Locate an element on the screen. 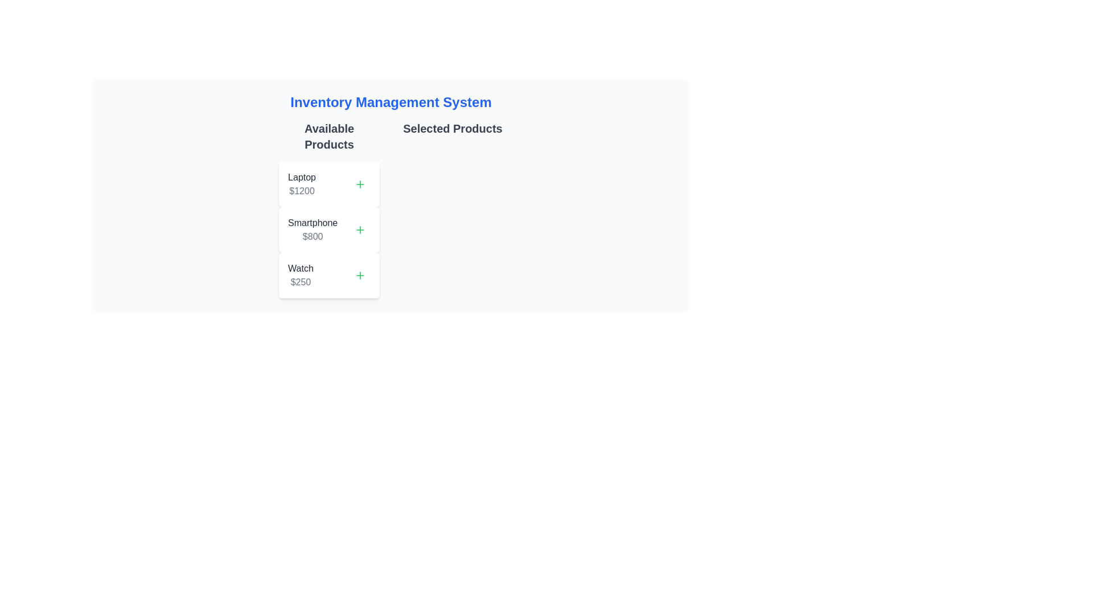 The height and width of the screenshot is (615, 1093). the price text label displayed beneath the 'Watch' item in the 'Available Products' section is located at coordinates (301, 282).